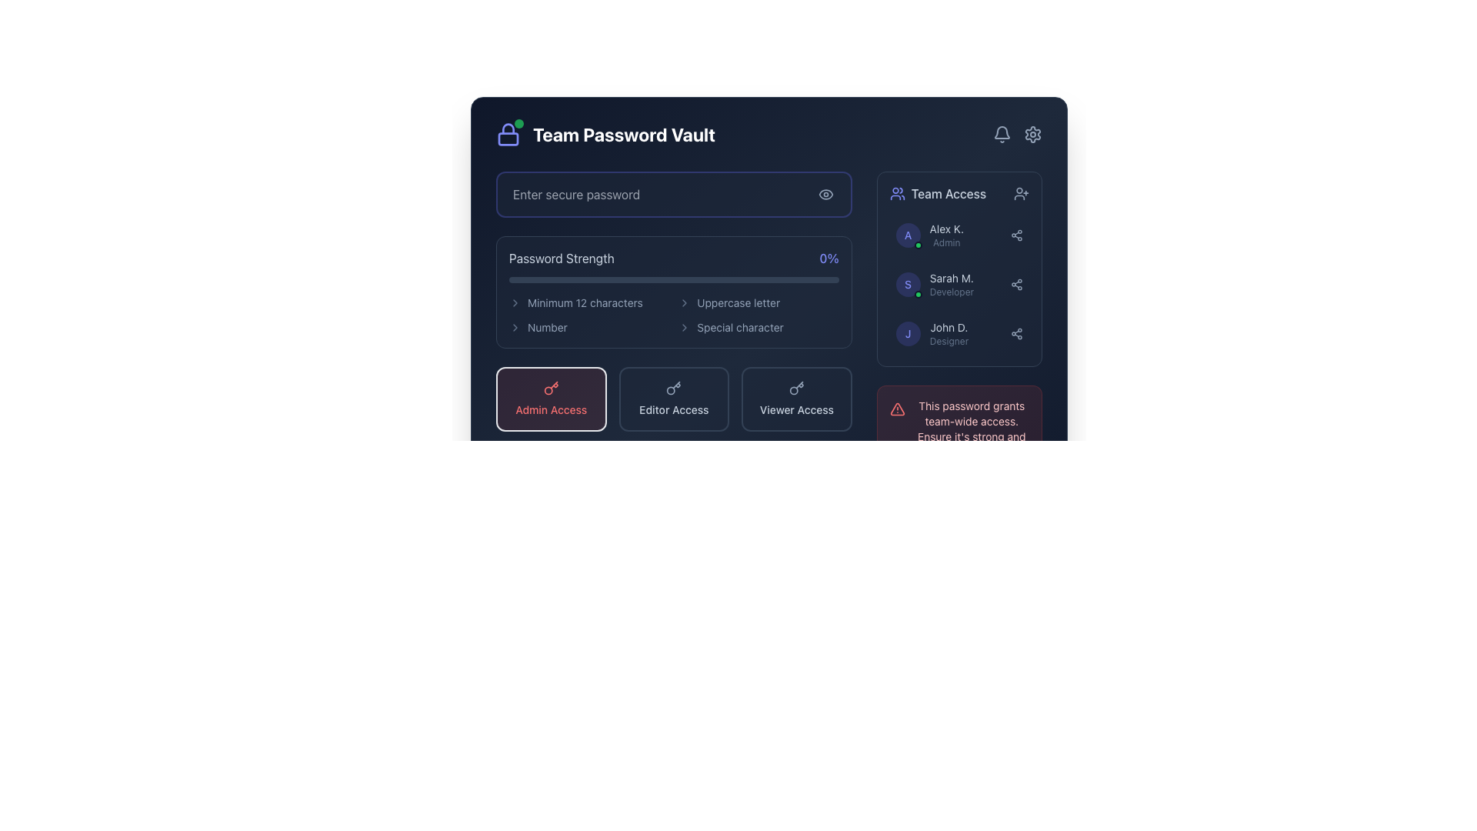 The width and height of the screenshot is (1477, 831). I want to click on the Profile Icon for user 'Alex K.' in the 'Team Access' section, so click(908, 235).